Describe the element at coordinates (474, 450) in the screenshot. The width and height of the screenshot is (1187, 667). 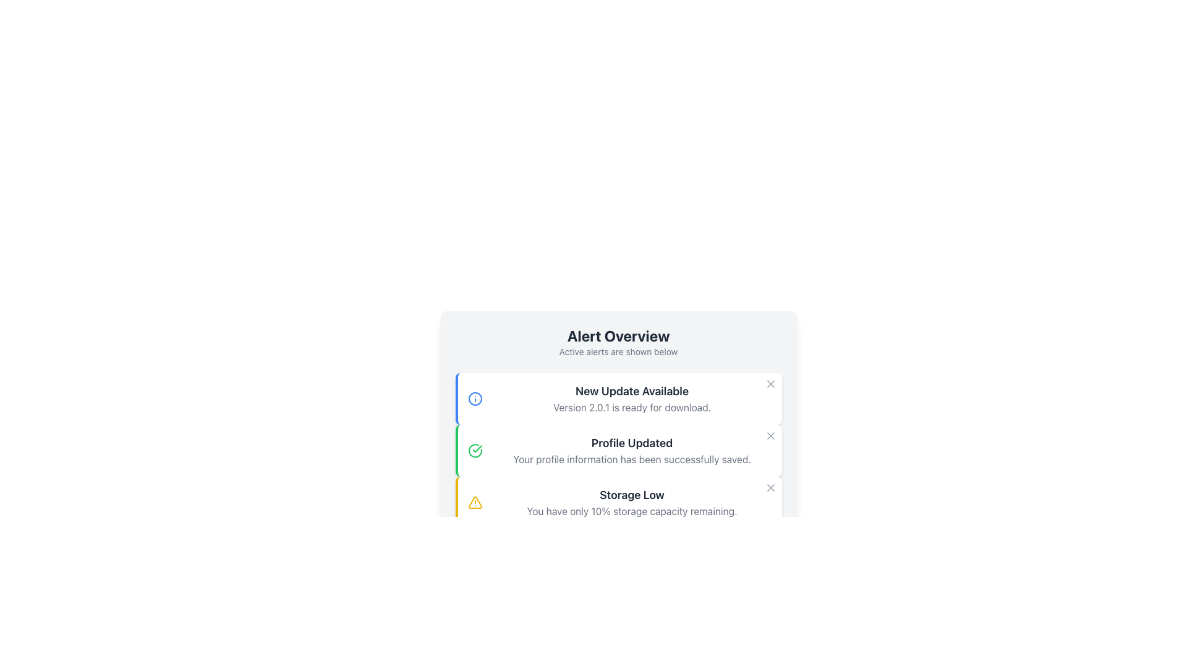
I see `the green circular icon with a checkmark symbol, which is located near the top-left corner of the 'Profile Updated' alert box` at that location.